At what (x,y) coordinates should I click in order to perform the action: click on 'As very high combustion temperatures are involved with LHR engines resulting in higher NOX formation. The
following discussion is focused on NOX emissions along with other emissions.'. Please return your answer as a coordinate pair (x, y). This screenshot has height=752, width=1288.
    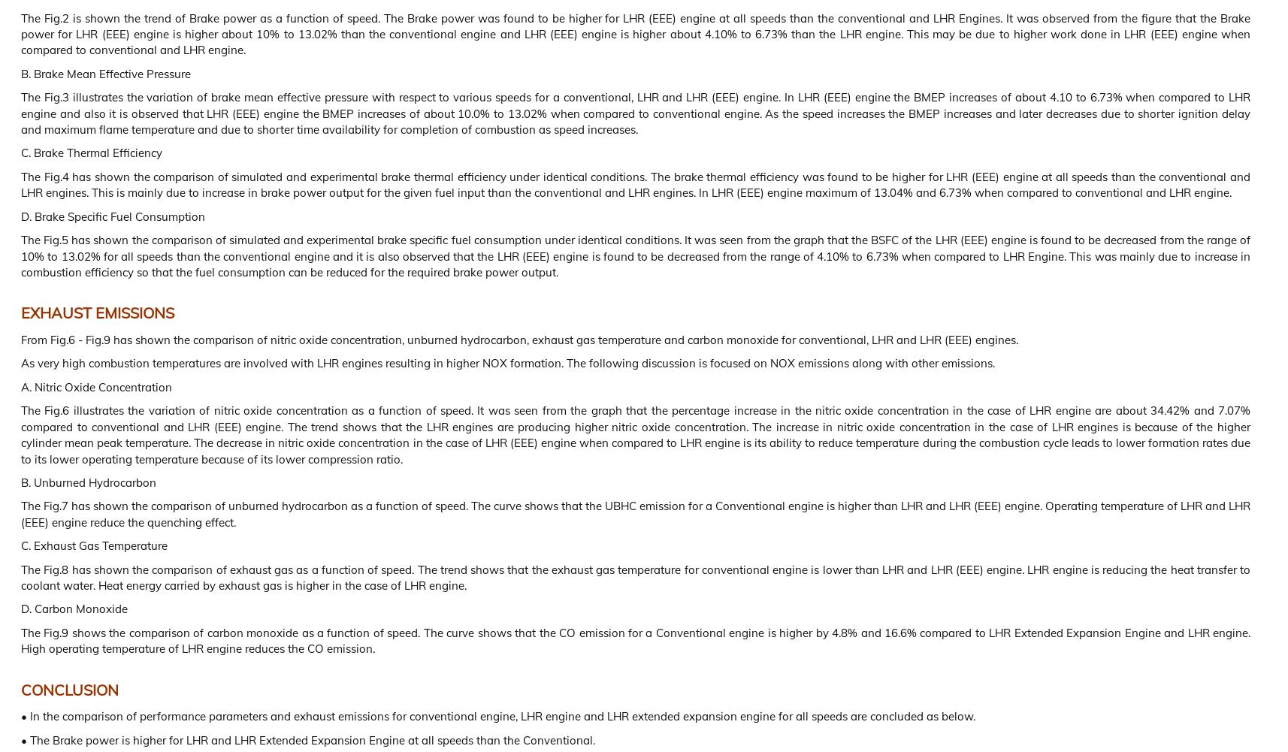
    Looking at the image, I should click on (507, 363).